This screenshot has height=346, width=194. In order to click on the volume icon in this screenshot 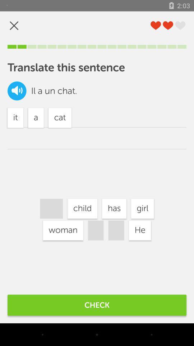, I will do `click(17, 90)`.